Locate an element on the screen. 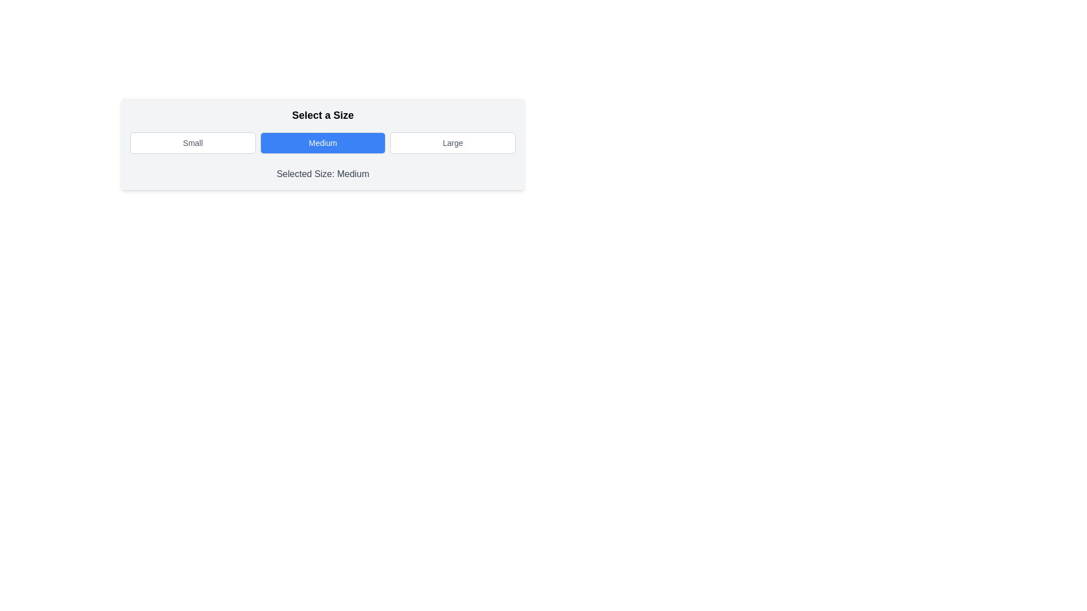 The height and width of the screenshot is (611, 1087). the 'Small' size selection button located in the top section of the panel titled 'Select a Size' is located at coordinates (192, 143).